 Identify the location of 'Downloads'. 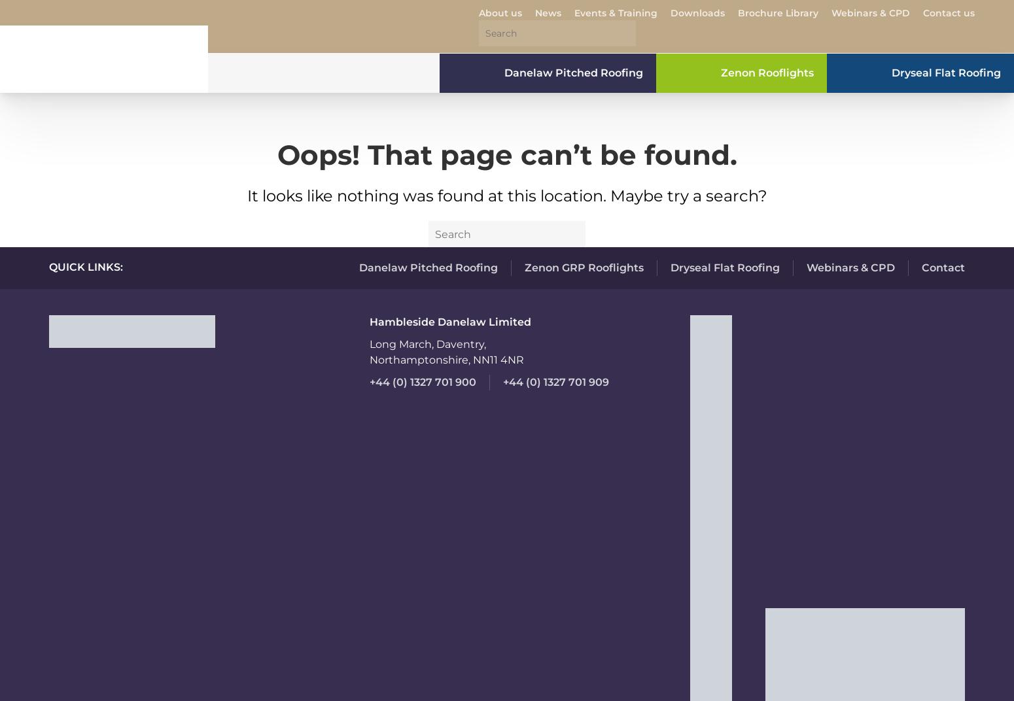
(697, 12).